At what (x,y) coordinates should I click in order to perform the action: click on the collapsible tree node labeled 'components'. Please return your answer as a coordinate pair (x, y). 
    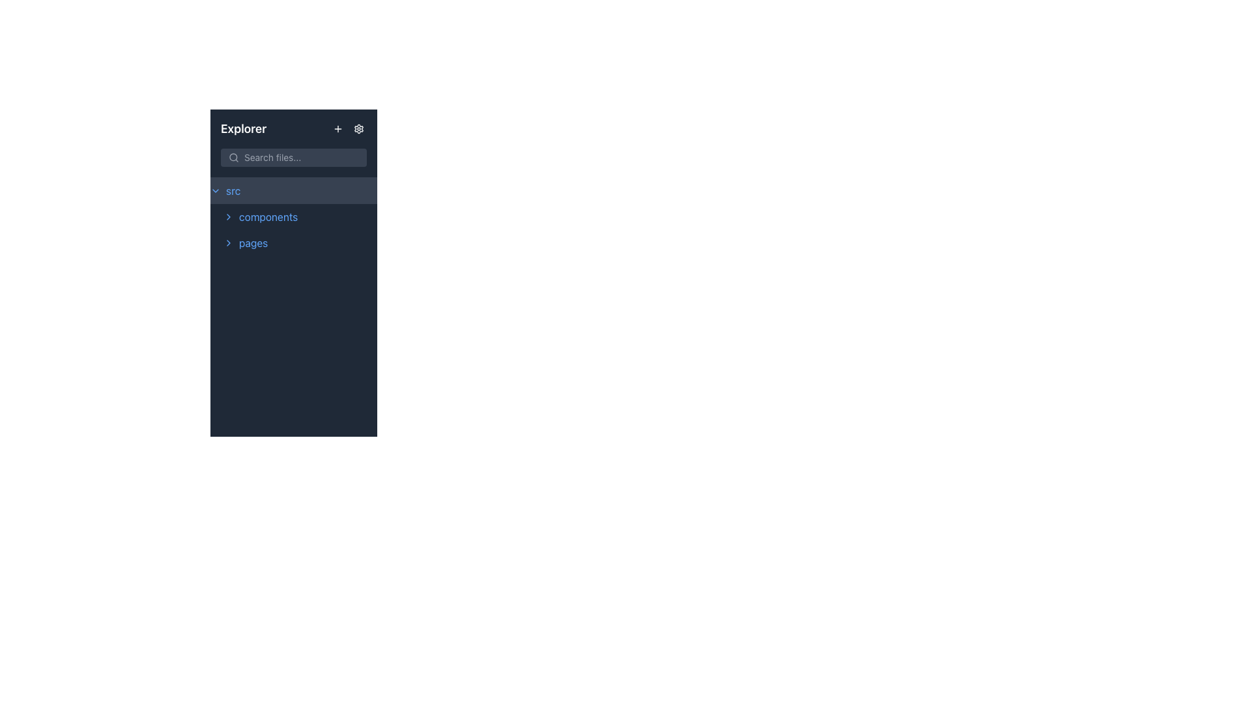
    Looking at the image, I should click on (293, 216).